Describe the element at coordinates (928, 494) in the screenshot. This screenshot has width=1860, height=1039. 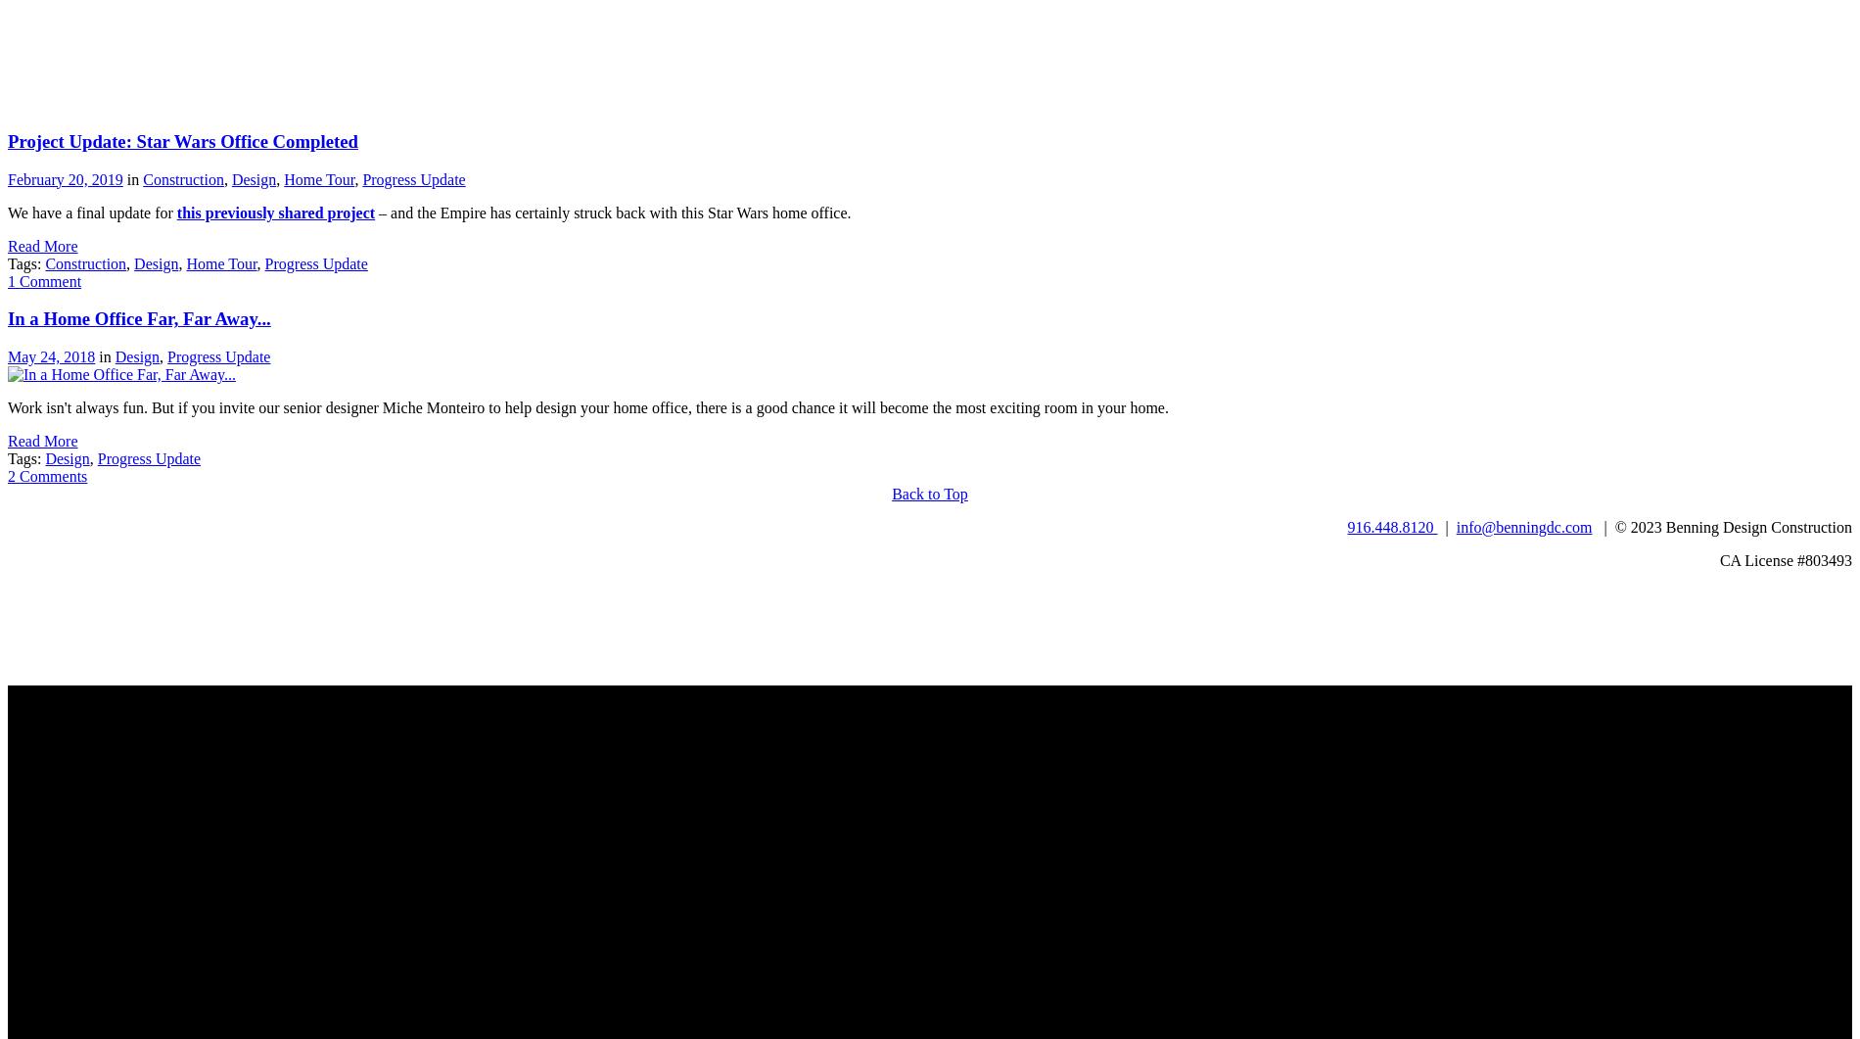
I see `'Back to Top'` at that location.